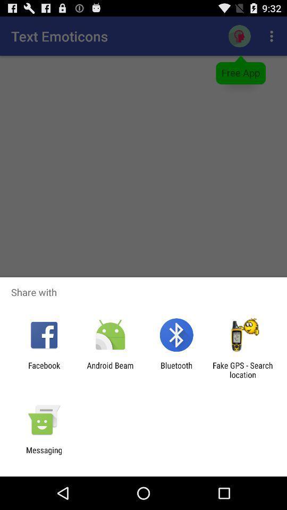 This screenshot has width=287, height=510. What do you see at coordinates (109, 370) in the screenshot?
I see `the item to the left of bluetooth app` at bounding box center [109, 370].